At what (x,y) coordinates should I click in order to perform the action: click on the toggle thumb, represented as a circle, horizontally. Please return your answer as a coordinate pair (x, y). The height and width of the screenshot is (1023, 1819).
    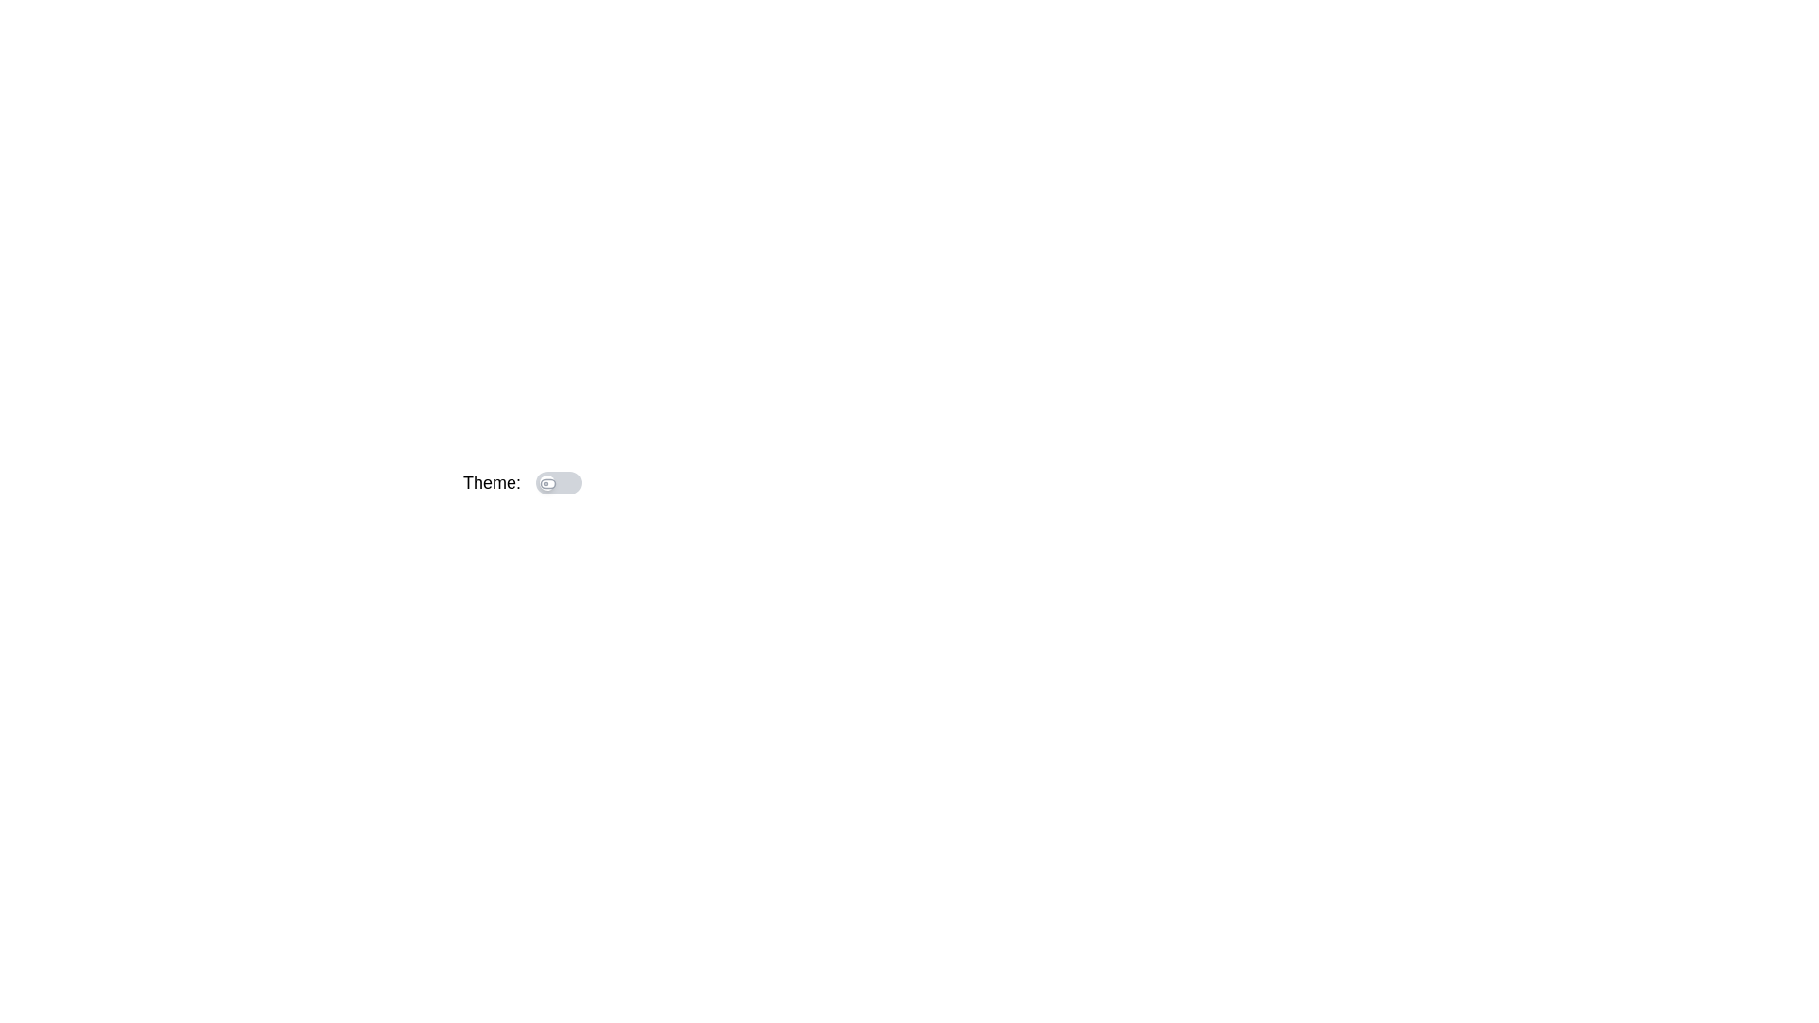
    Looking at the image, I should click on (547, 481).